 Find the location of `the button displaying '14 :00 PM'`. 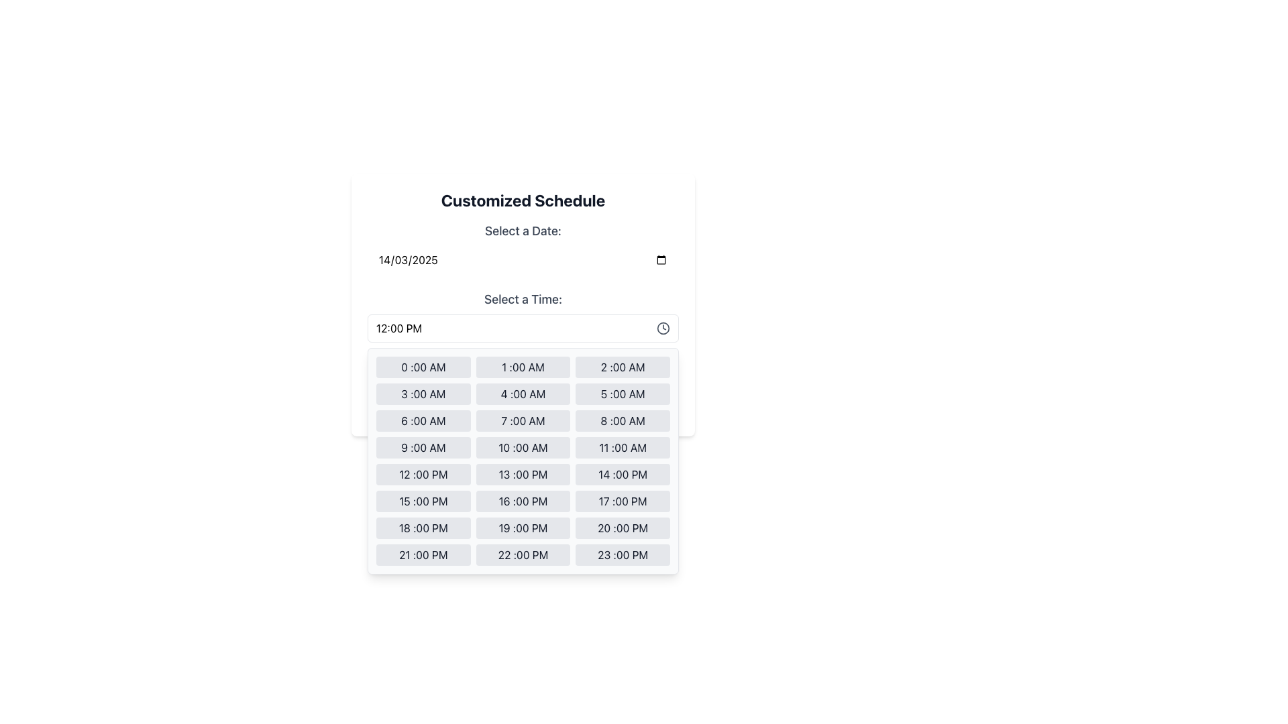

the button displaying '14 :00 PM' is located at coordinates (622, 474).